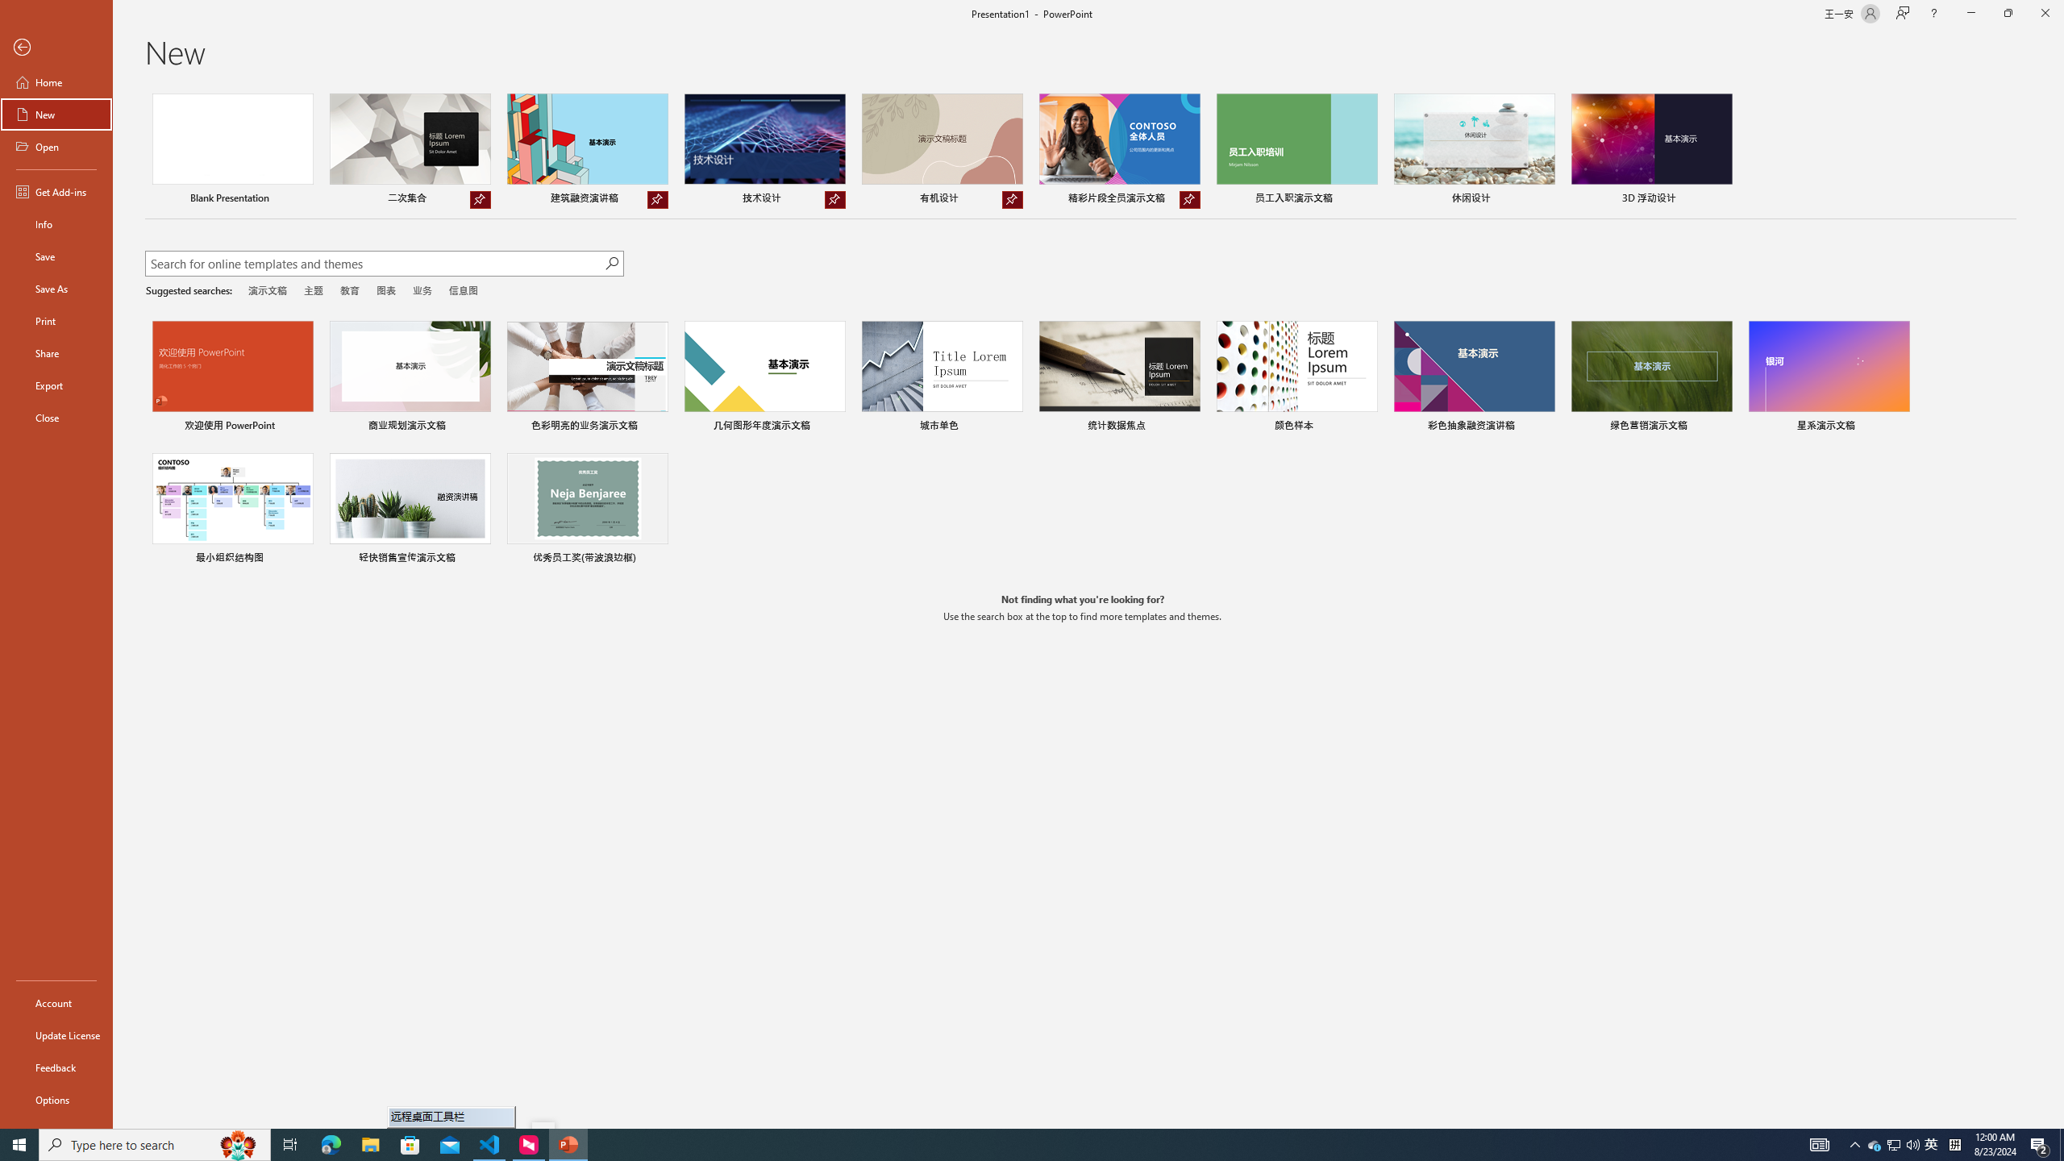 The image size is (2064, 1161). Describe the element at coordinates (56, 1003) in the screenshot. I see `'Account'` at that location.